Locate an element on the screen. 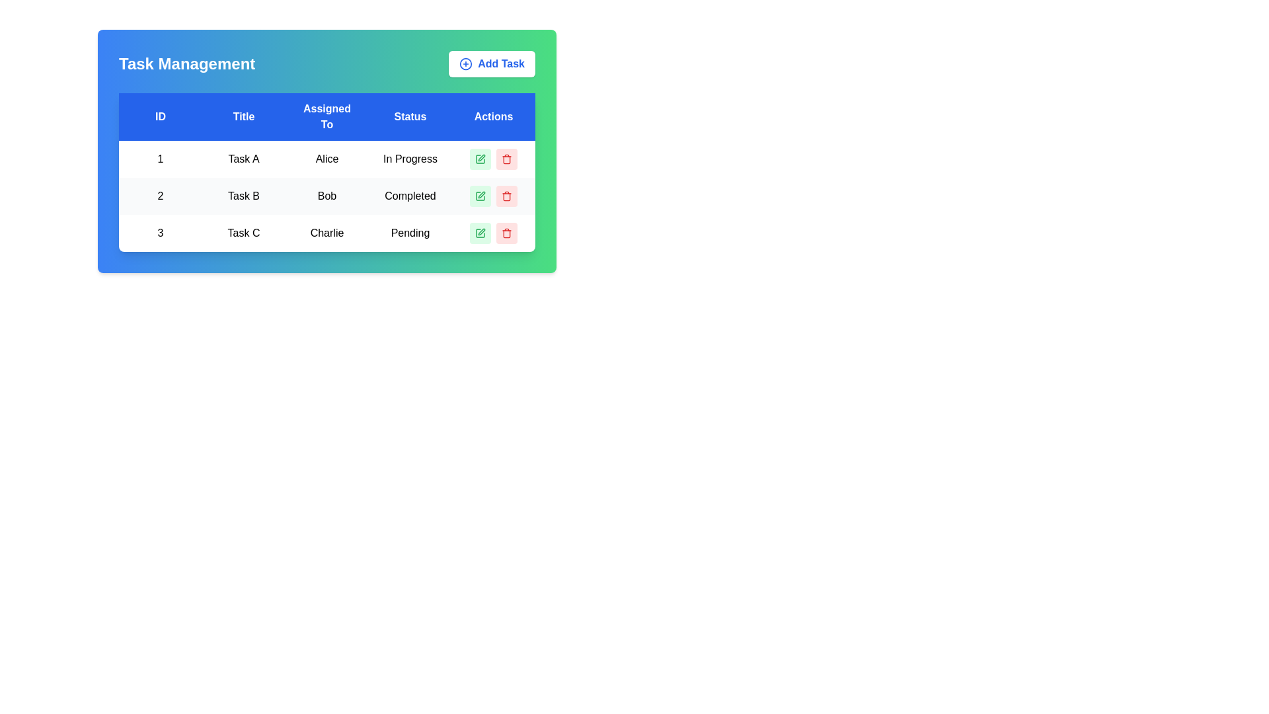 This screenshot has height=714, width=1269. the blue circular icon with a plus sign located to the left of the 'Add Task' button is located at coordinates (466, 63).